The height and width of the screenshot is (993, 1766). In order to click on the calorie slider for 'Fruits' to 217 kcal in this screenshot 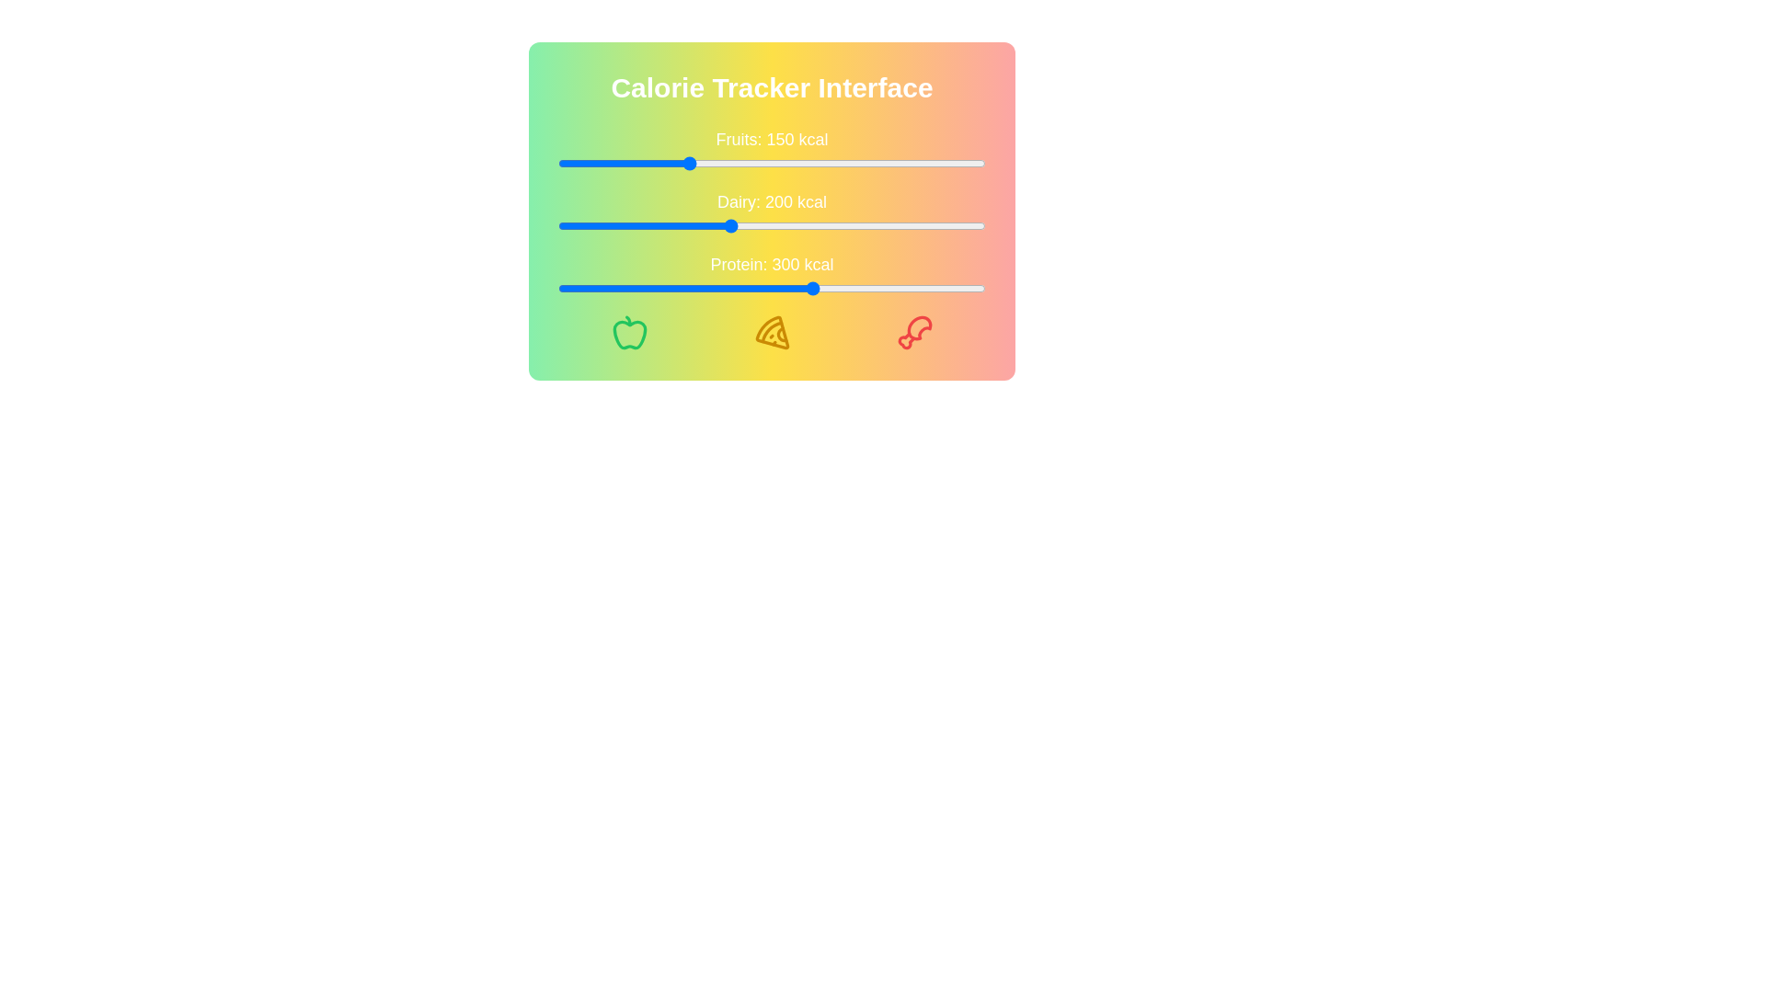, I will do `click(743, 162)`.